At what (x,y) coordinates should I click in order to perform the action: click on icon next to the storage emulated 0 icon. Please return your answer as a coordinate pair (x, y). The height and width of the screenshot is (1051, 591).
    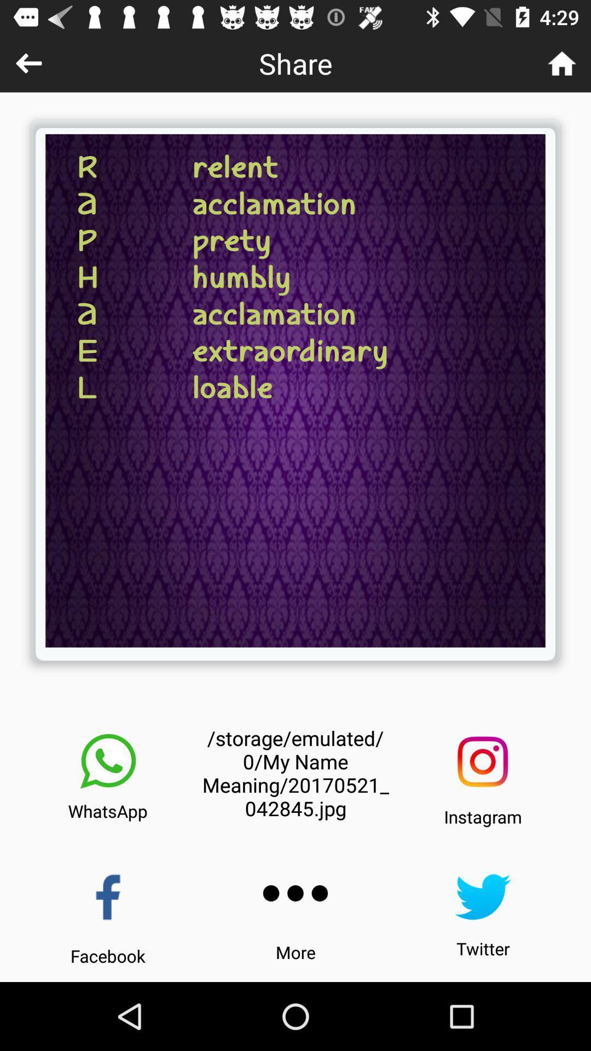
    Looking at the image, I should click on (108, 761).